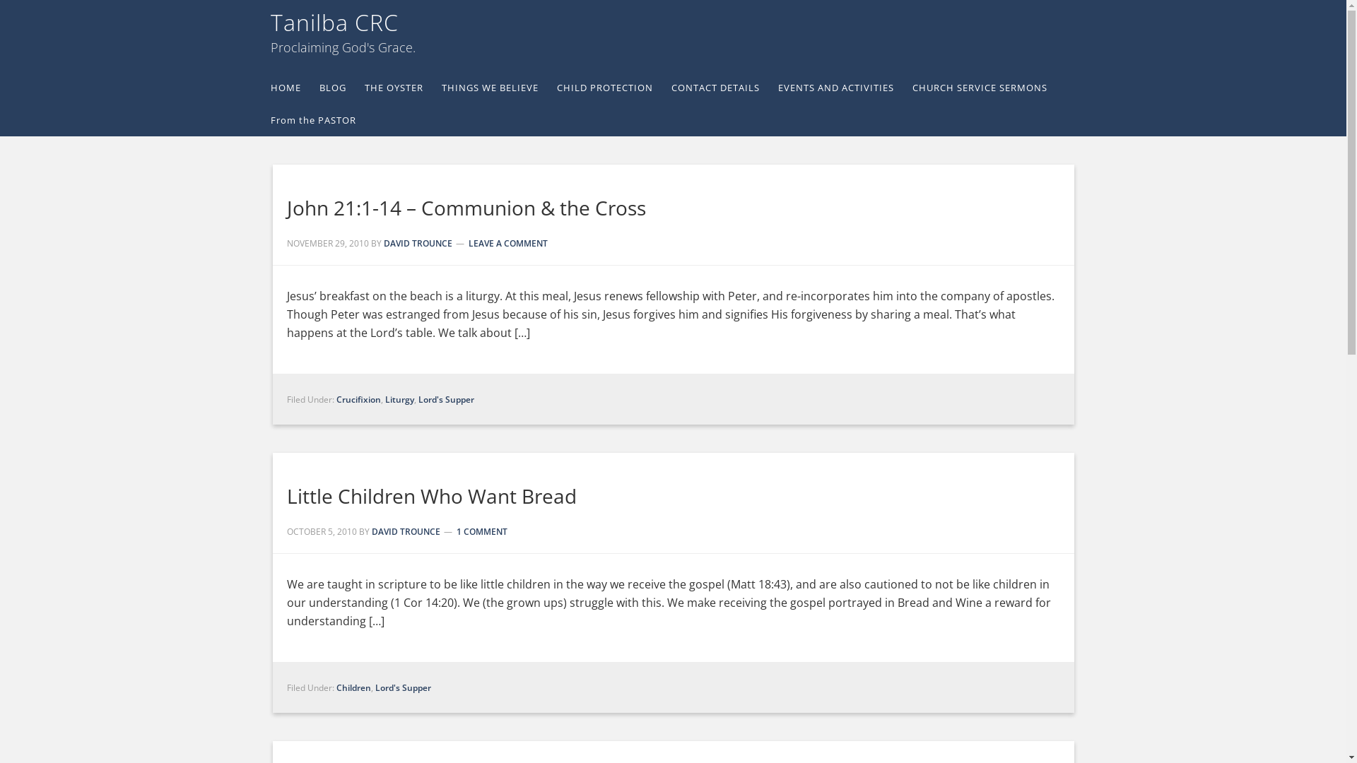 This screenshot has width=1357, height=763. Describe the element at coordinates (481, 531) in the screenshot. I see `'1 COMMENT'` at that location.